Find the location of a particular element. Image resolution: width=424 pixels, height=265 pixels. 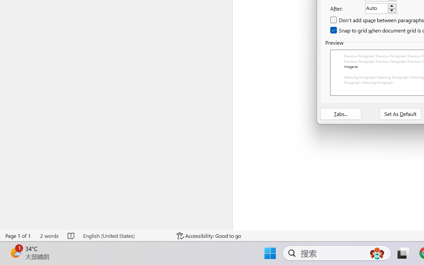

'Tabs...' is located at coordinates (341, 114).